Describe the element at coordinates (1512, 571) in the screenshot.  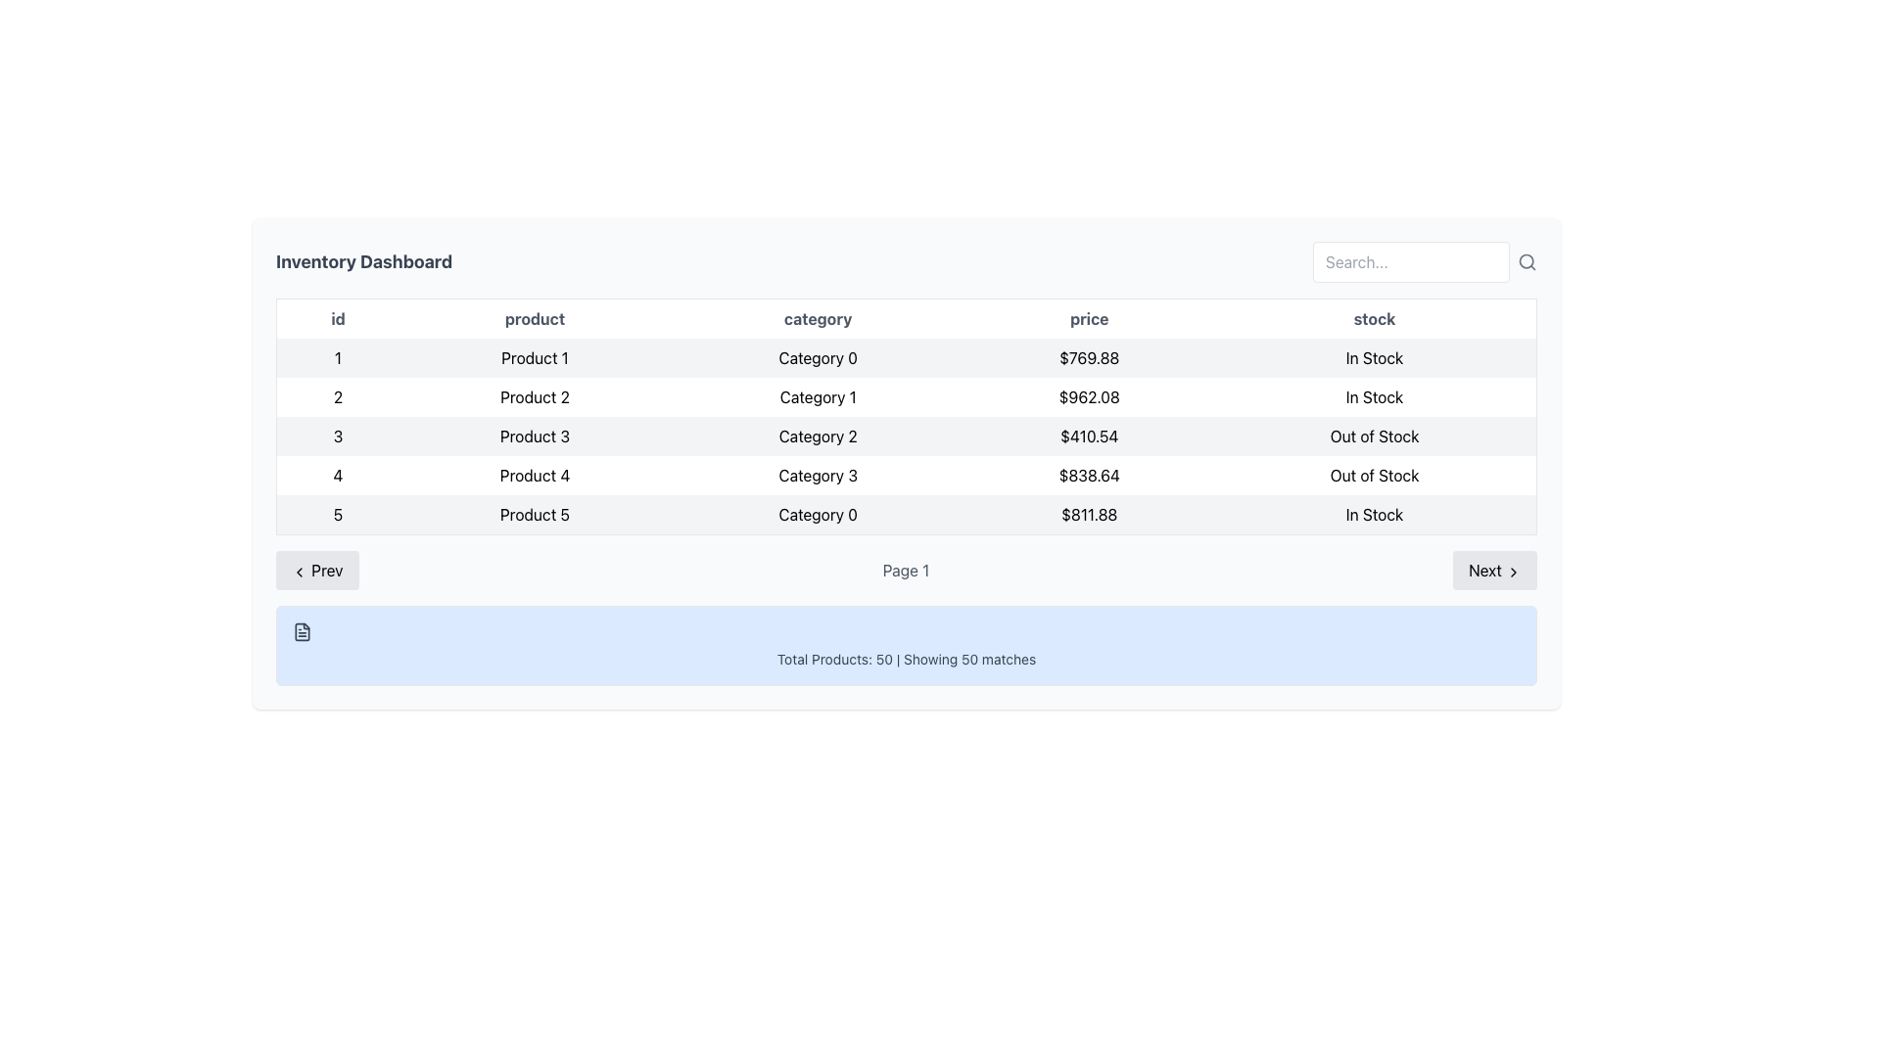
I see `the 'Next' button which contains a small right-pointing chevron icon` at that location.